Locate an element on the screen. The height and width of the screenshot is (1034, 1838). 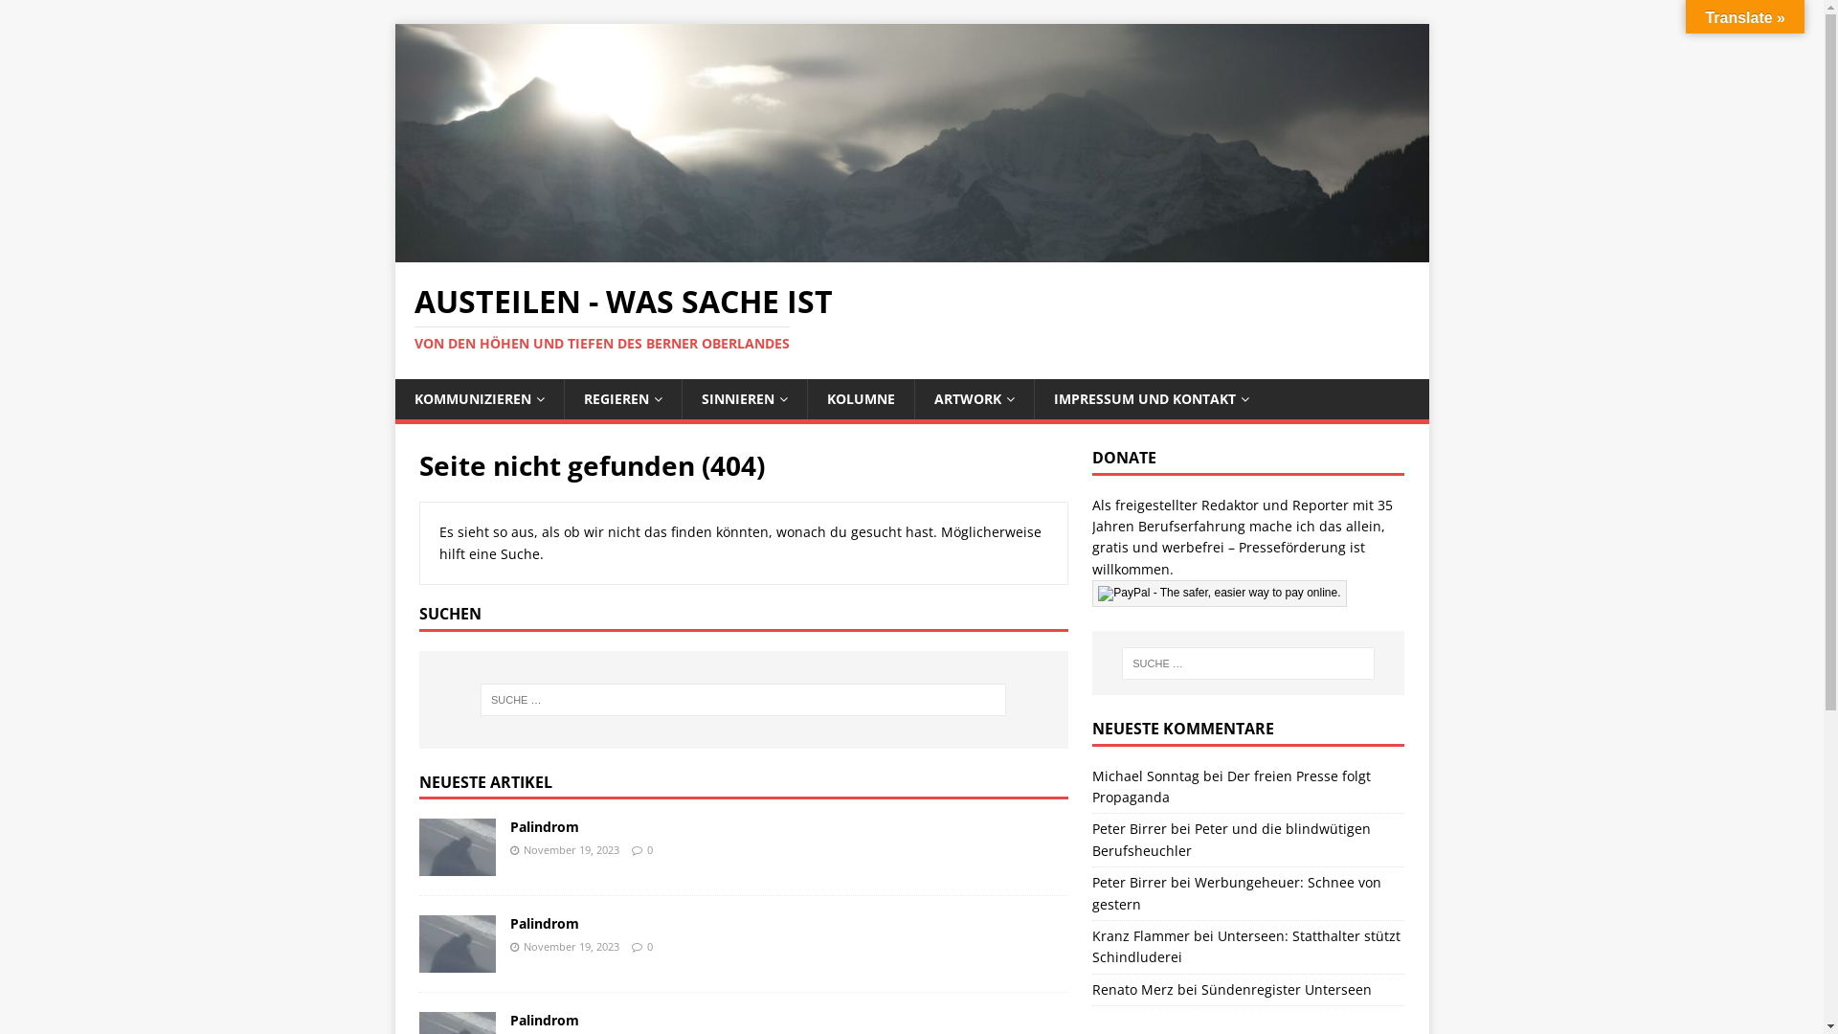
'0' is located at coordinates (649, 945).